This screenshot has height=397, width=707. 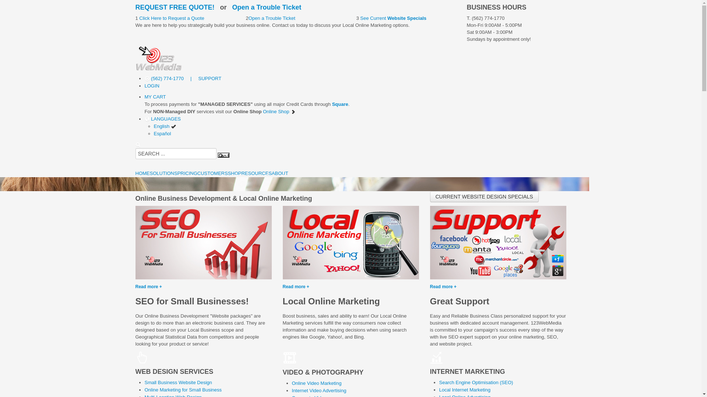 What do you see at coordinates (340, 104) in the screenshot?
I see `'Square'` at bounding box center [340, 104].